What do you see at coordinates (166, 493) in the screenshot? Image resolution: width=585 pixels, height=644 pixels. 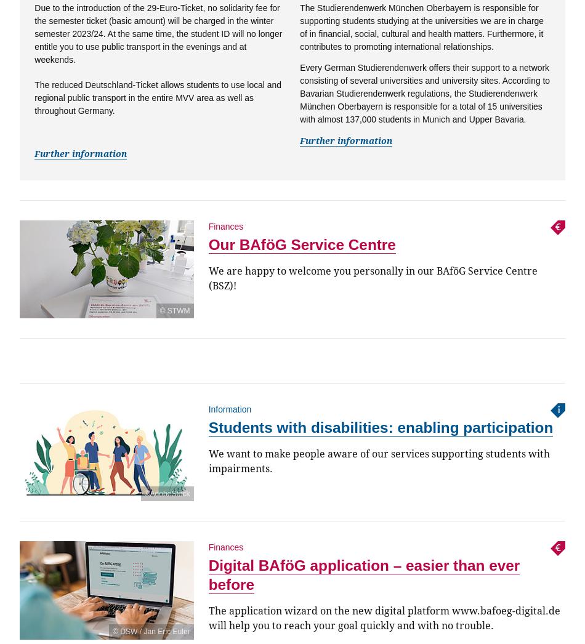 I see `'©AdobeStock'` at bounding box center [166, 493].